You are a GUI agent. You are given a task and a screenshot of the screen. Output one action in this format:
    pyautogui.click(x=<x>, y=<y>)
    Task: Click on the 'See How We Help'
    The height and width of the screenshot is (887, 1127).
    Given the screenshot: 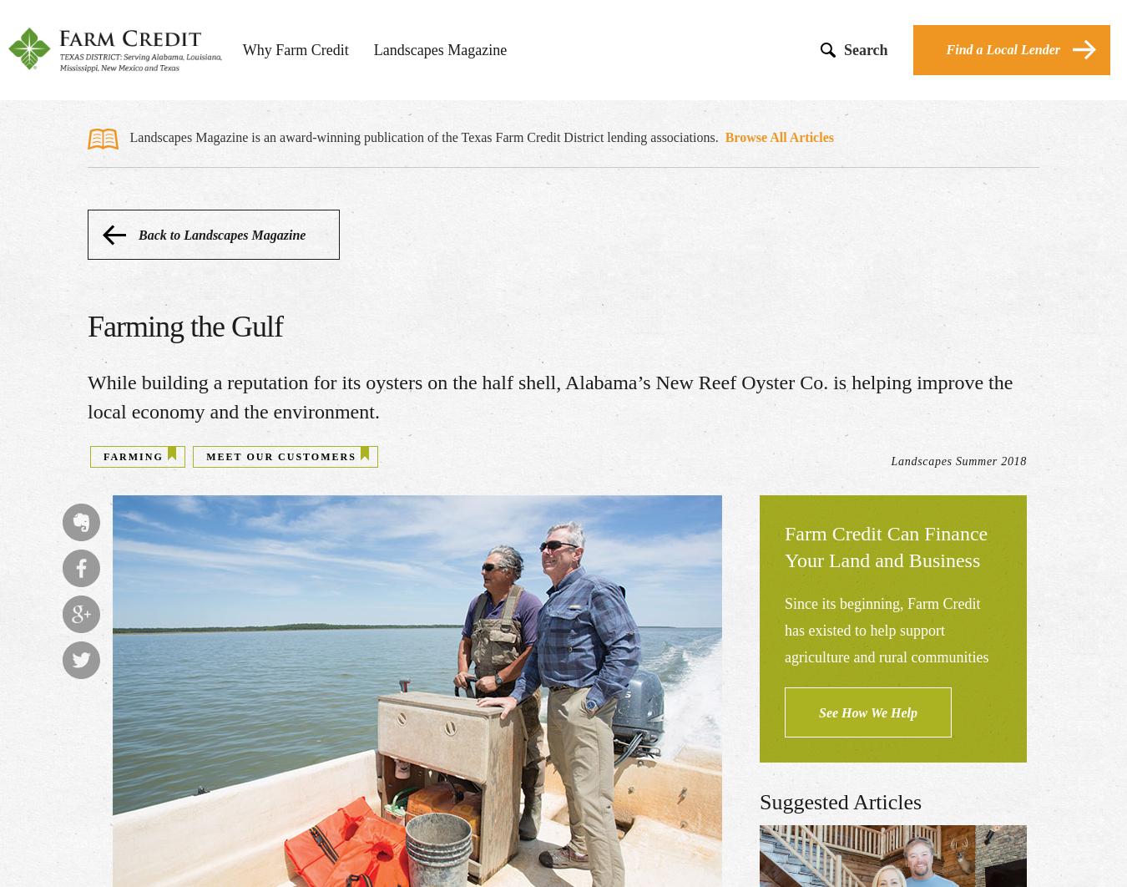 What is the action you would take?
    pyautogui.click(x=867, y=712)
    